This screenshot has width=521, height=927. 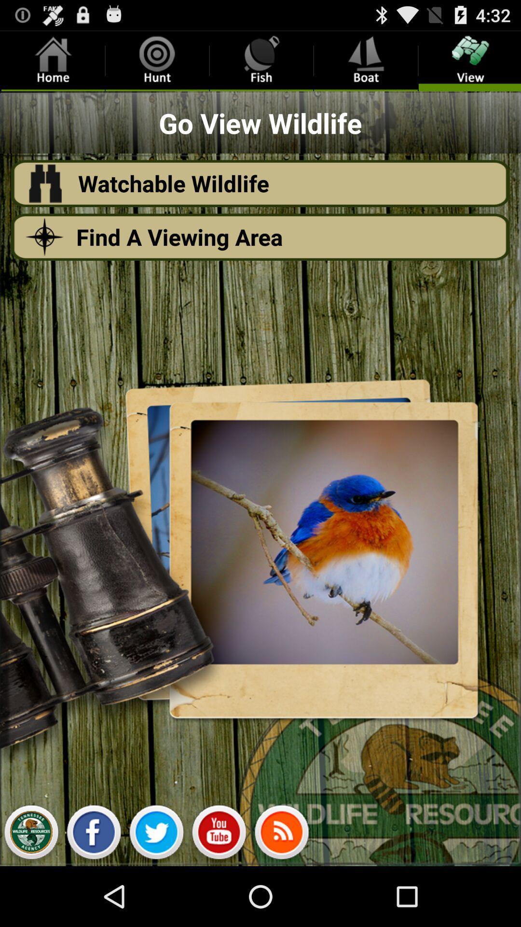 I want to click on the twitter icon, so click(x=156, y=893).